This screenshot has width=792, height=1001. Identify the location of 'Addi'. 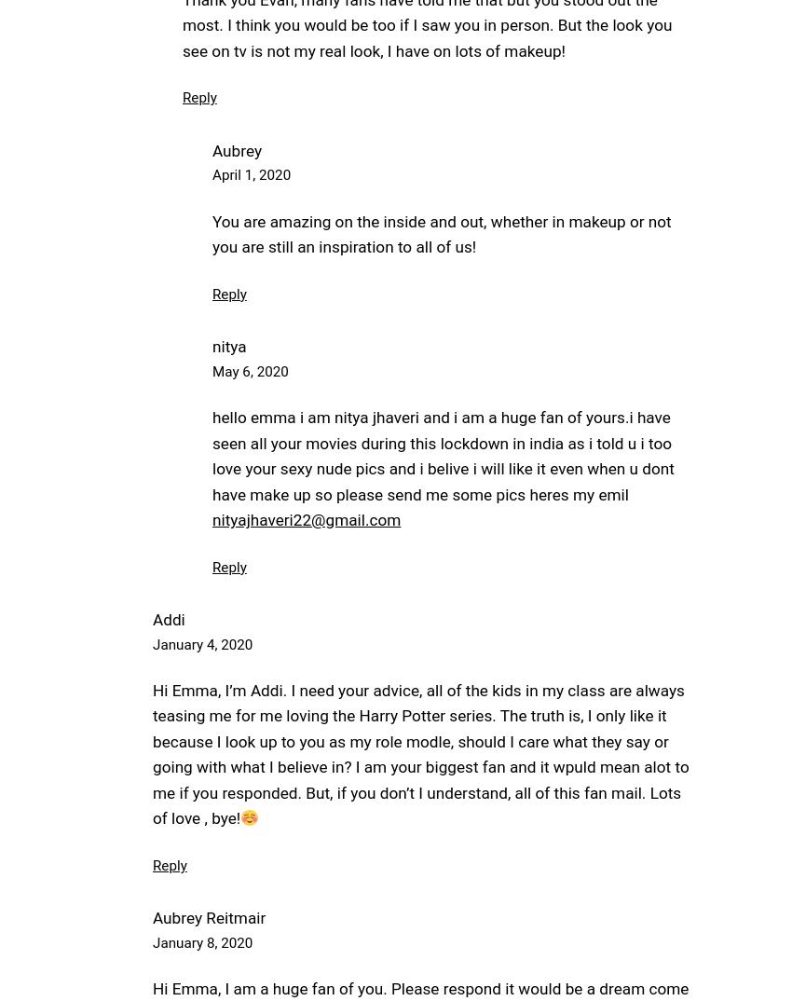
(167, 619).